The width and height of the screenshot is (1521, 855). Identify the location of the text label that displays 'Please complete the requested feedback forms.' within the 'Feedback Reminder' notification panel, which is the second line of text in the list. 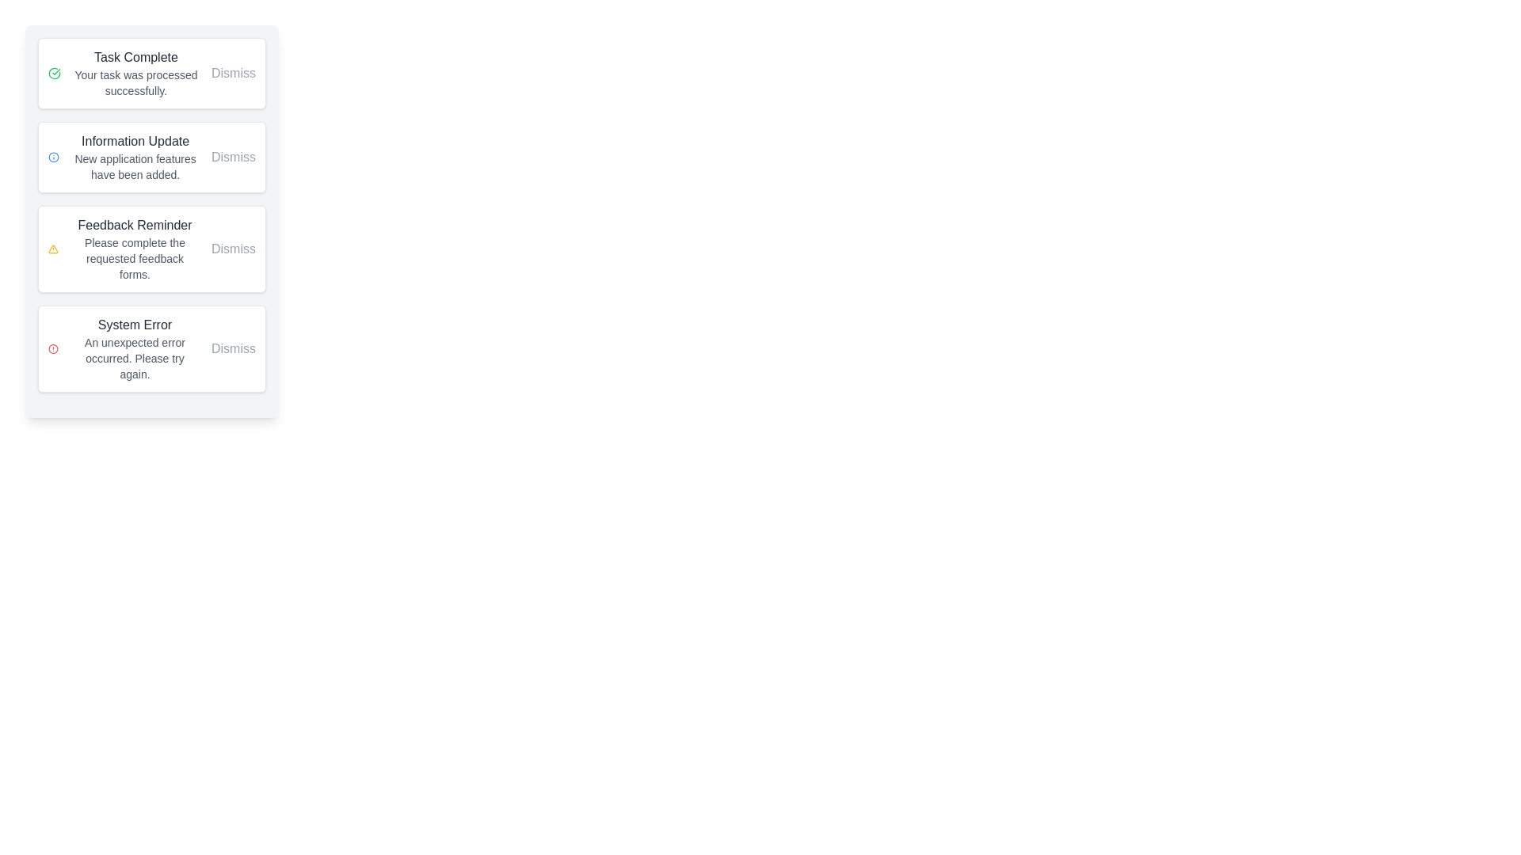
(135, 258).